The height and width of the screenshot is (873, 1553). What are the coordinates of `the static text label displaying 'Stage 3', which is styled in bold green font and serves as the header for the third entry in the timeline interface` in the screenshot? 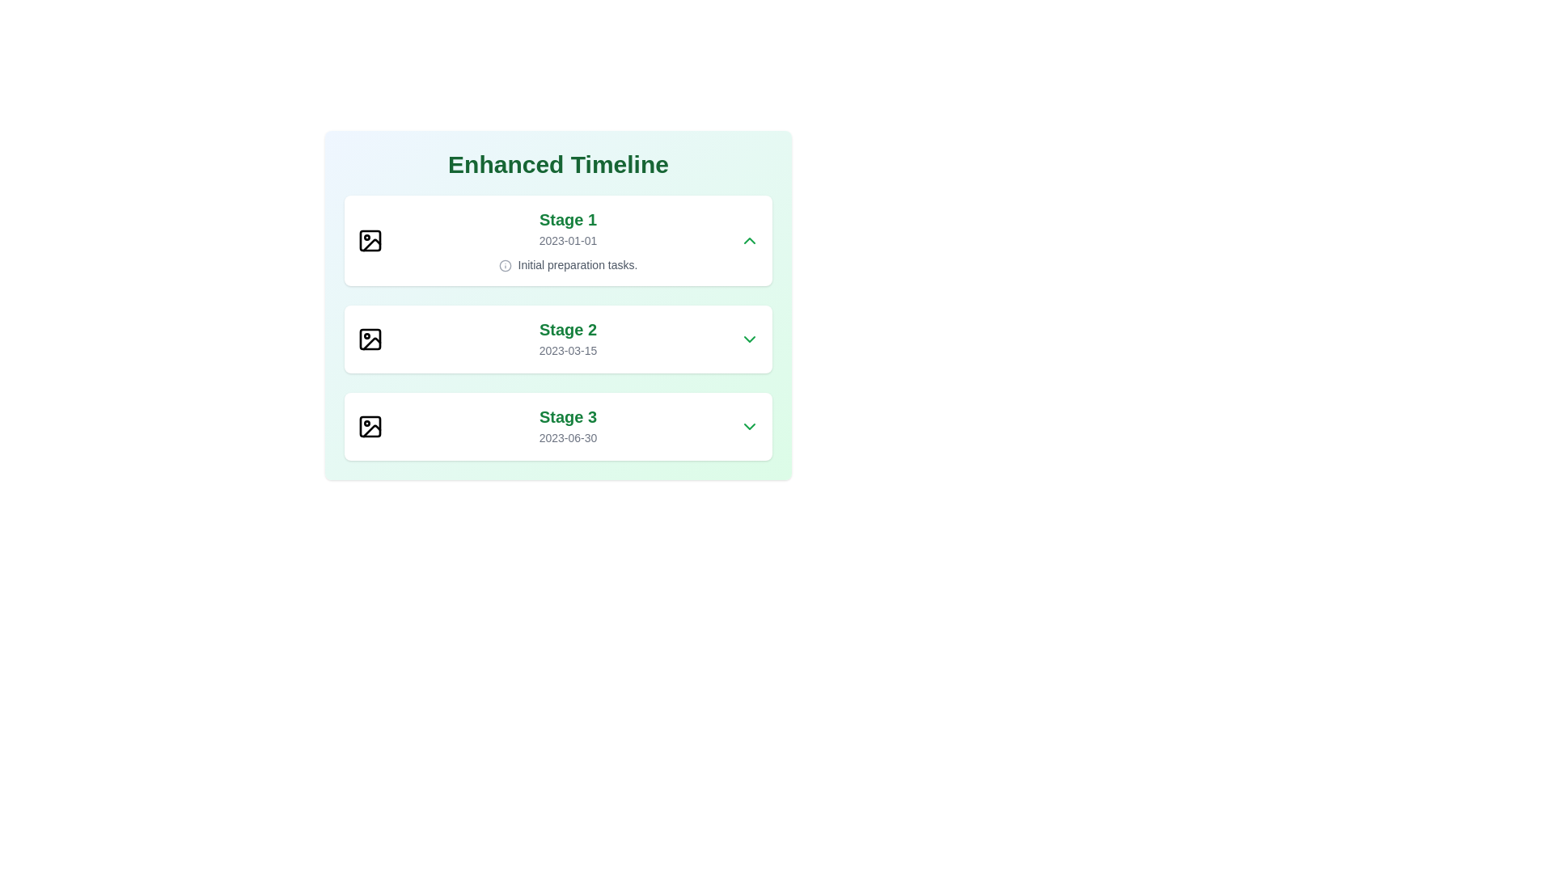 It's located at (568, 416).